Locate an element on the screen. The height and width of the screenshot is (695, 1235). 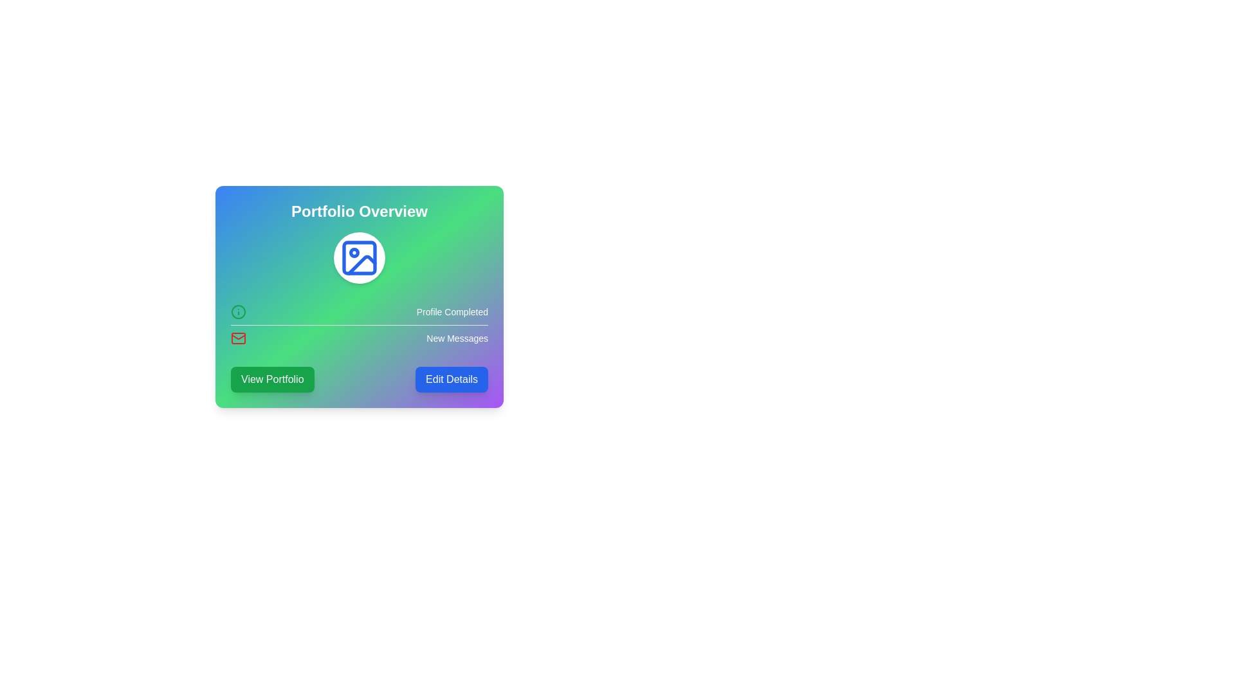
the informational icon that signifies a completed status, located to the far-left of the 'Profile Completed' label is located at coordinates (238, 312).